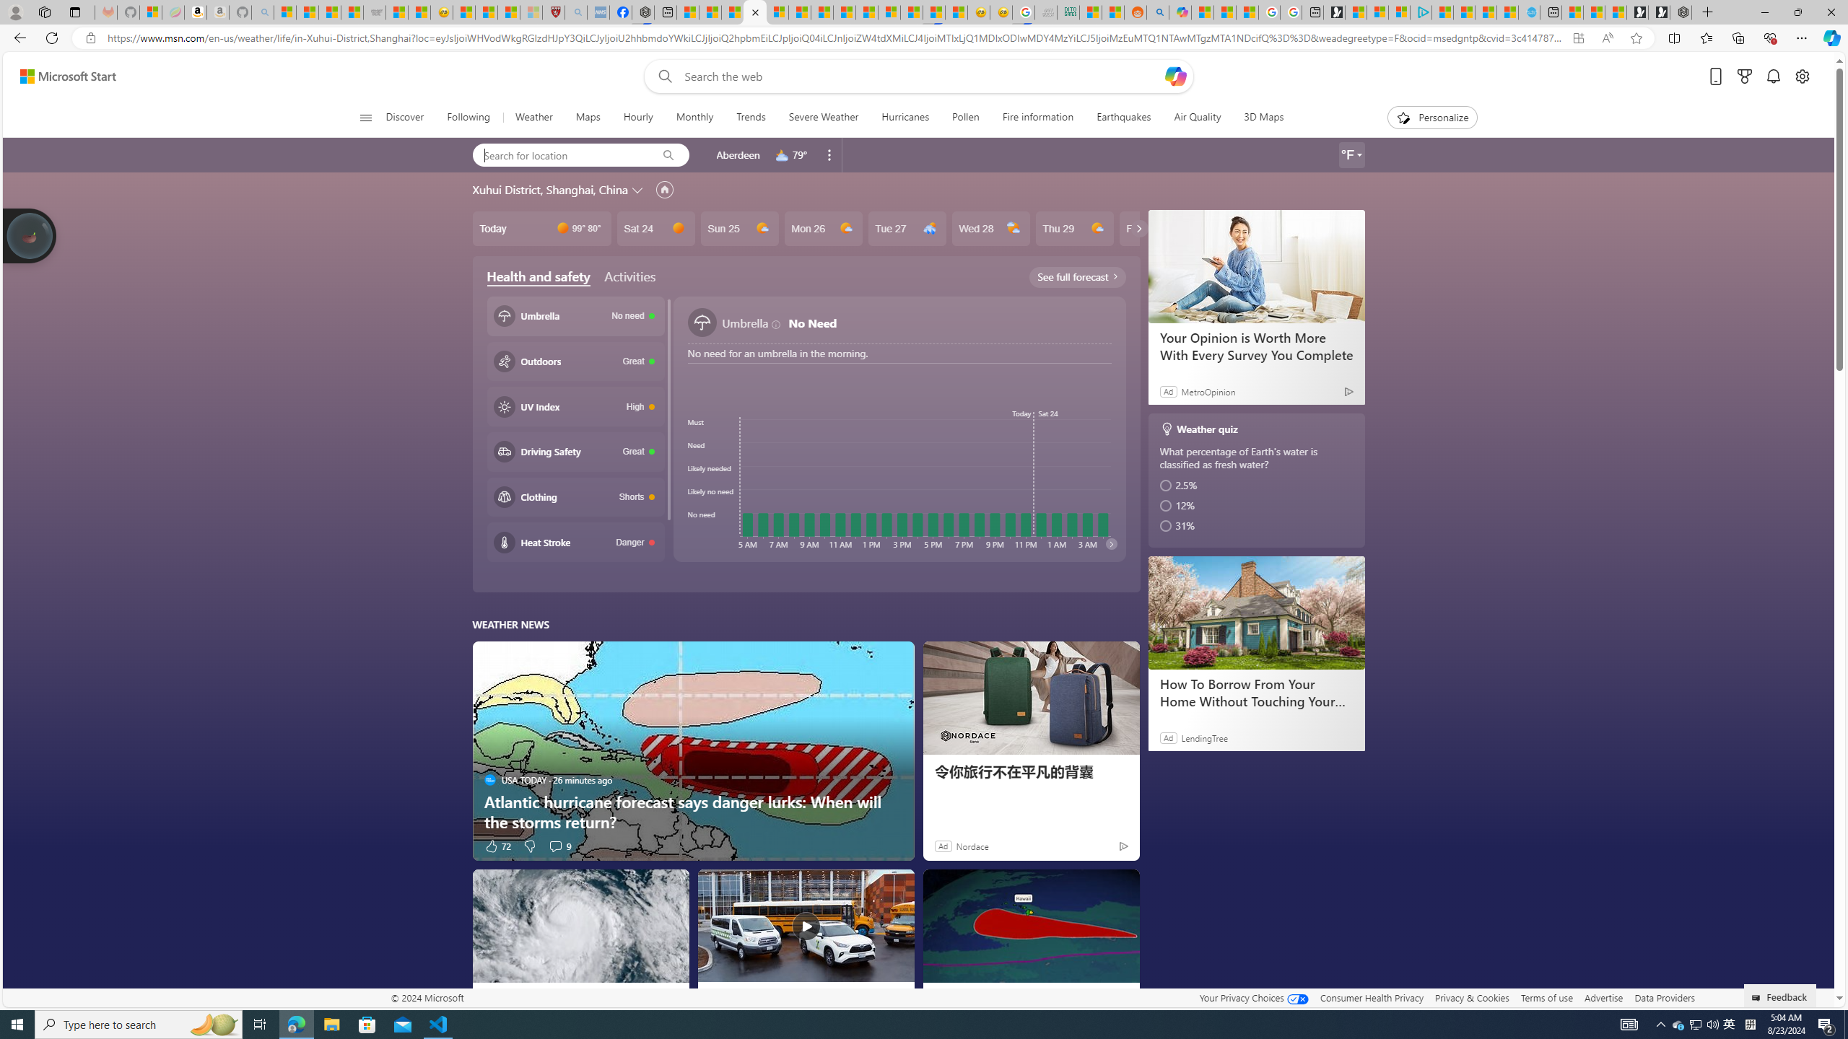 The height and width of the screenshot is (1039, 1848). Describe the element at coordinates (823, 117) in the screenshot. I see `'Severe Weather'` at that location.